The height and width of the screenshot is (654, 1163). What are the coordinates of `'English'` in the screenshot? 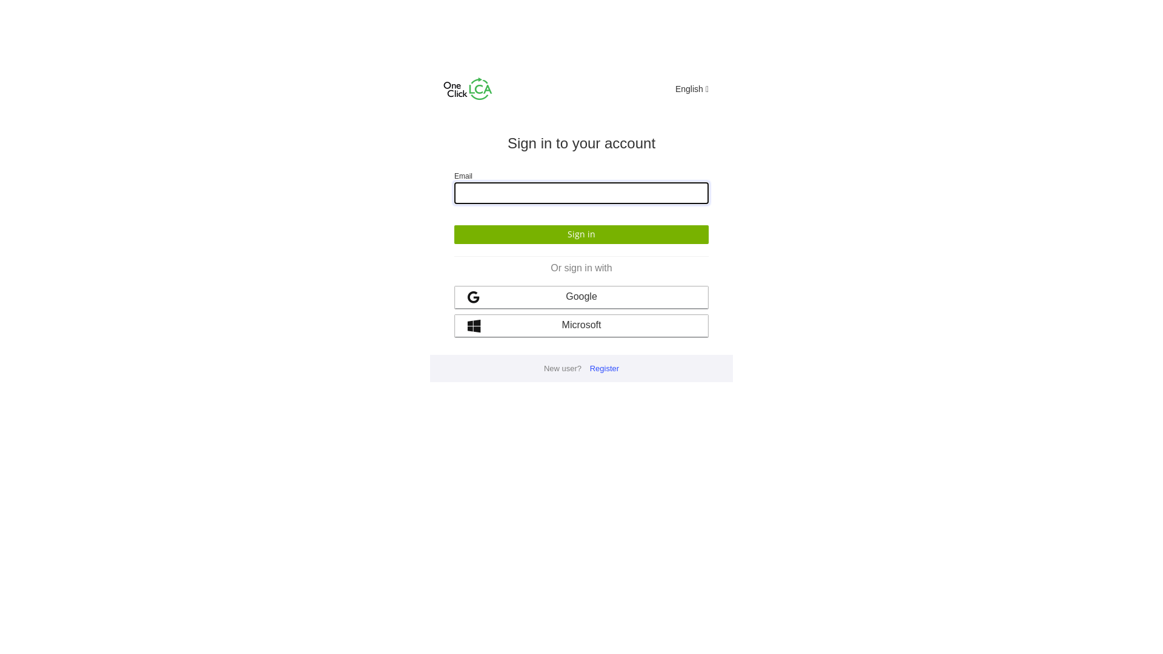 It's located at (692, 88).